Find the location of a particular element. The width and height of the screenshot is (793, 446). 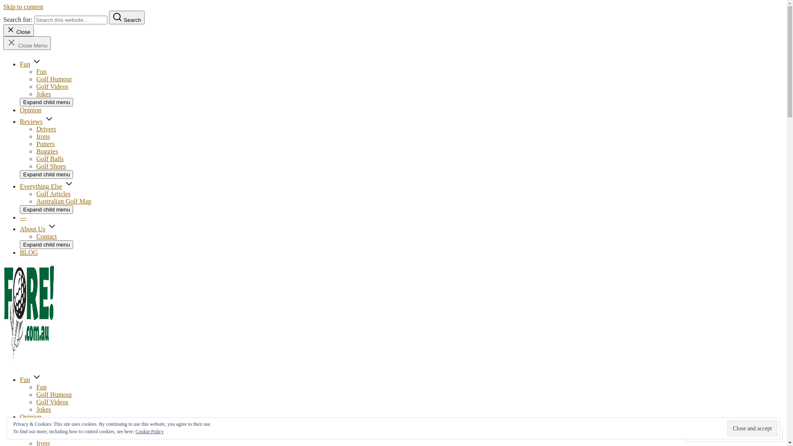

'Close' is located at coordinates (18, 30).